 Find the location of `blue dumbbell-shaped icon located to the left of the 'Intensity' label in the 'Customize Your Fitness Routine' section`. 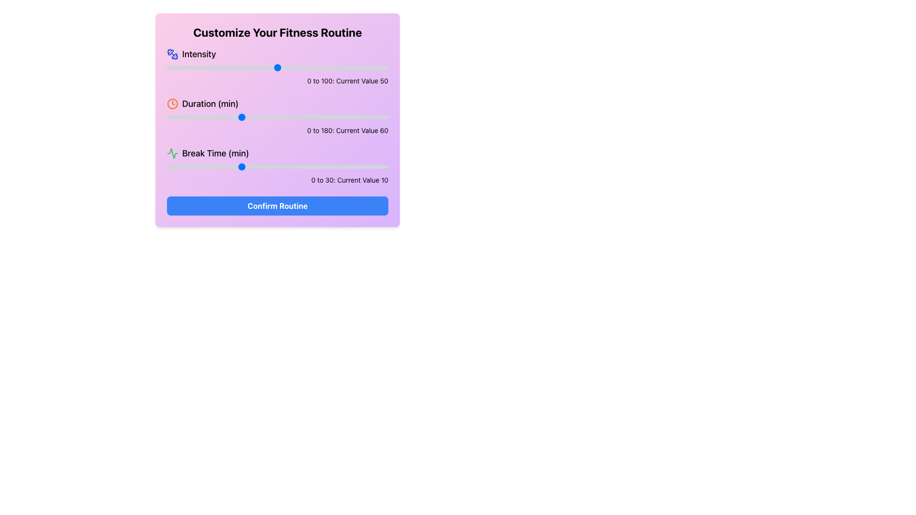

blue dumbbell-shaped icon located to the left of the 'Intensity' label in the 'Customize Your Fitness Routine' section is located at coordinates (172, 54).